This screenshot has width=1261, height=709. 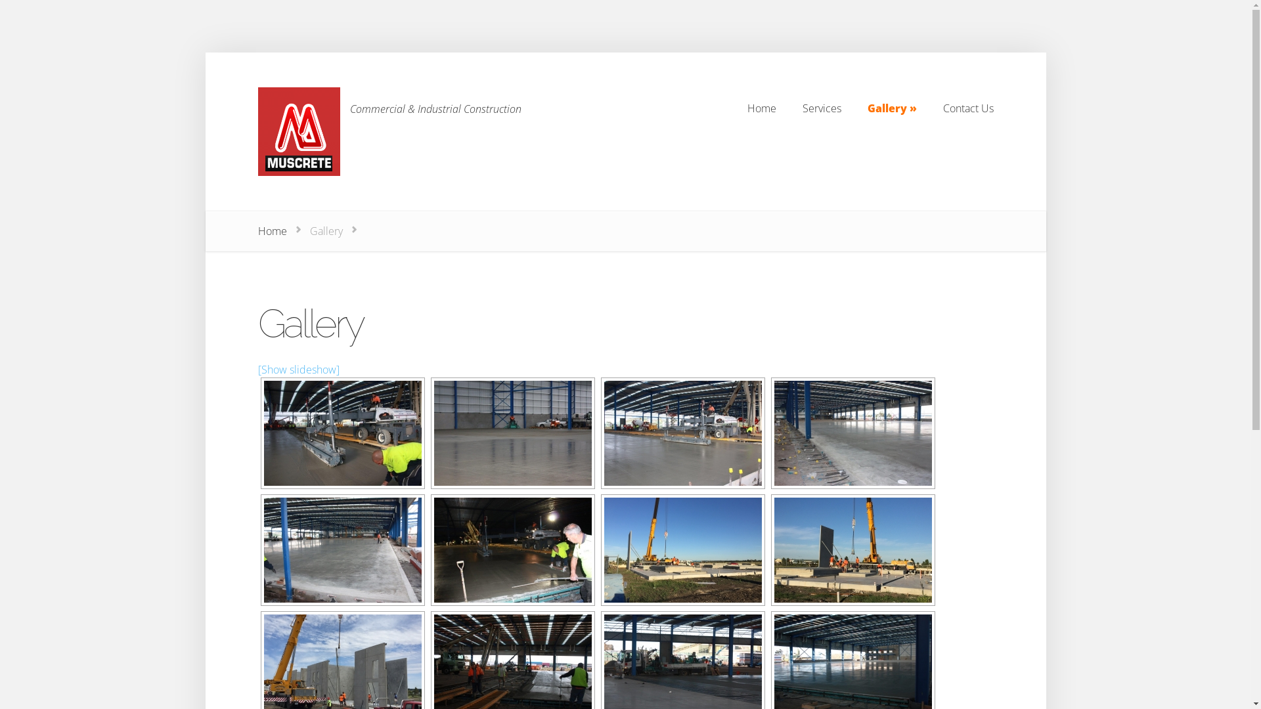 What do you see at coordinates (298, 370) in the screenshot?
I see `'[Show slideshow]'` at bounding box center [298, 370].